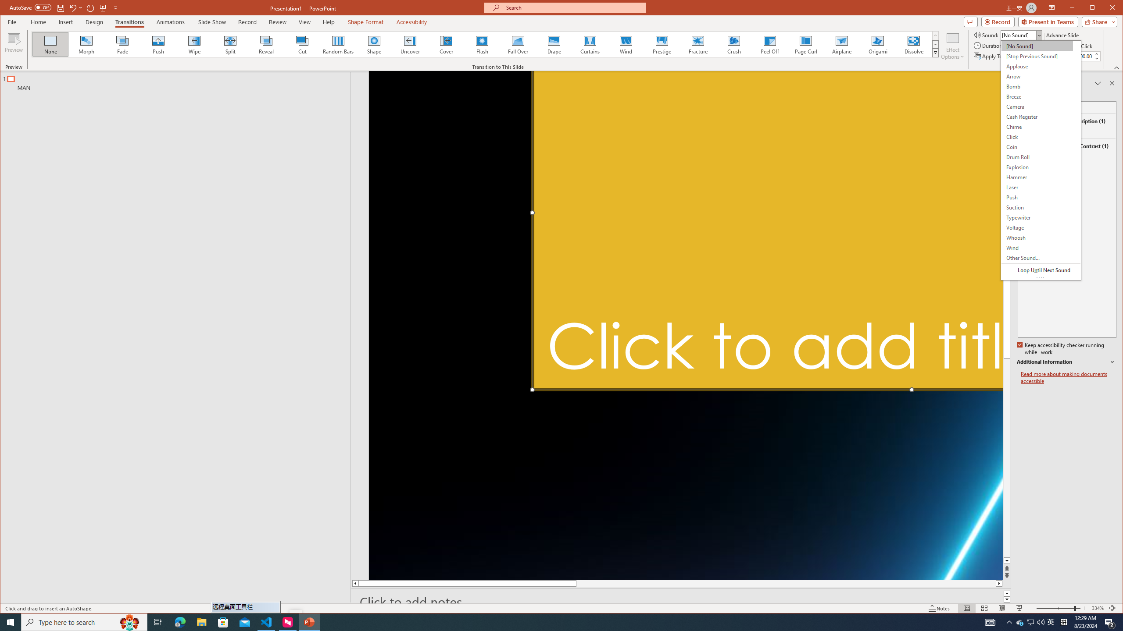 The image size is (1123, 631). What do you see at coordinates (1021, 35) in the screenshot?
I see `'Sound'` at bounding box center [1021, 35].